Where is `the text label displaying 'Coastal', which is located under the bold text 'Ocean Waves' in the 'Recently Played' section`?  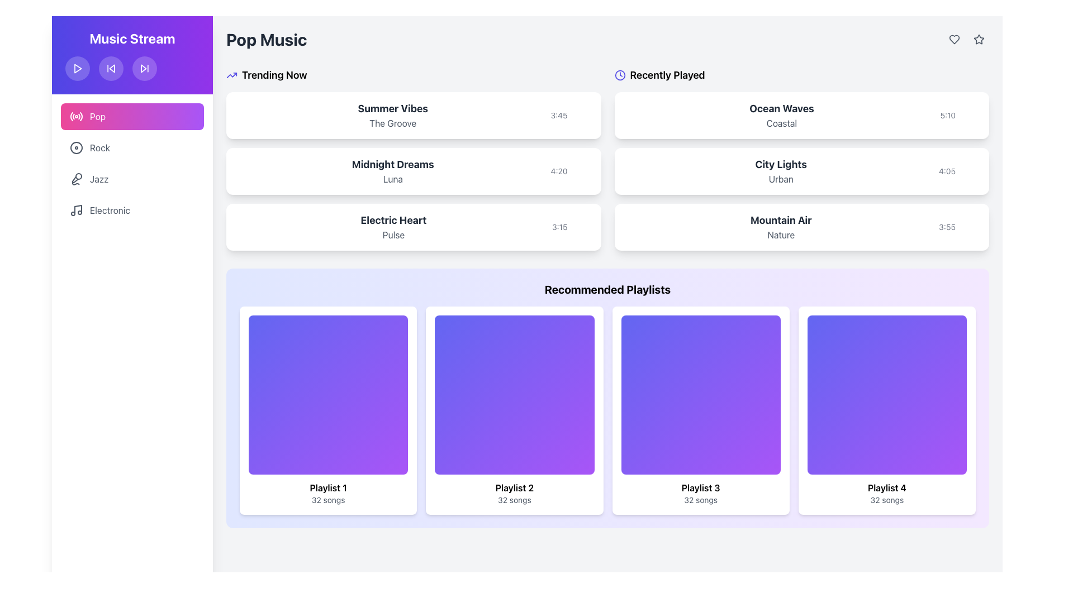 the text label displaying 'Coastal', which is located under the bold text 'Ocean Waves' in the 'Recently Played' section is located at coordinates (781, 123).